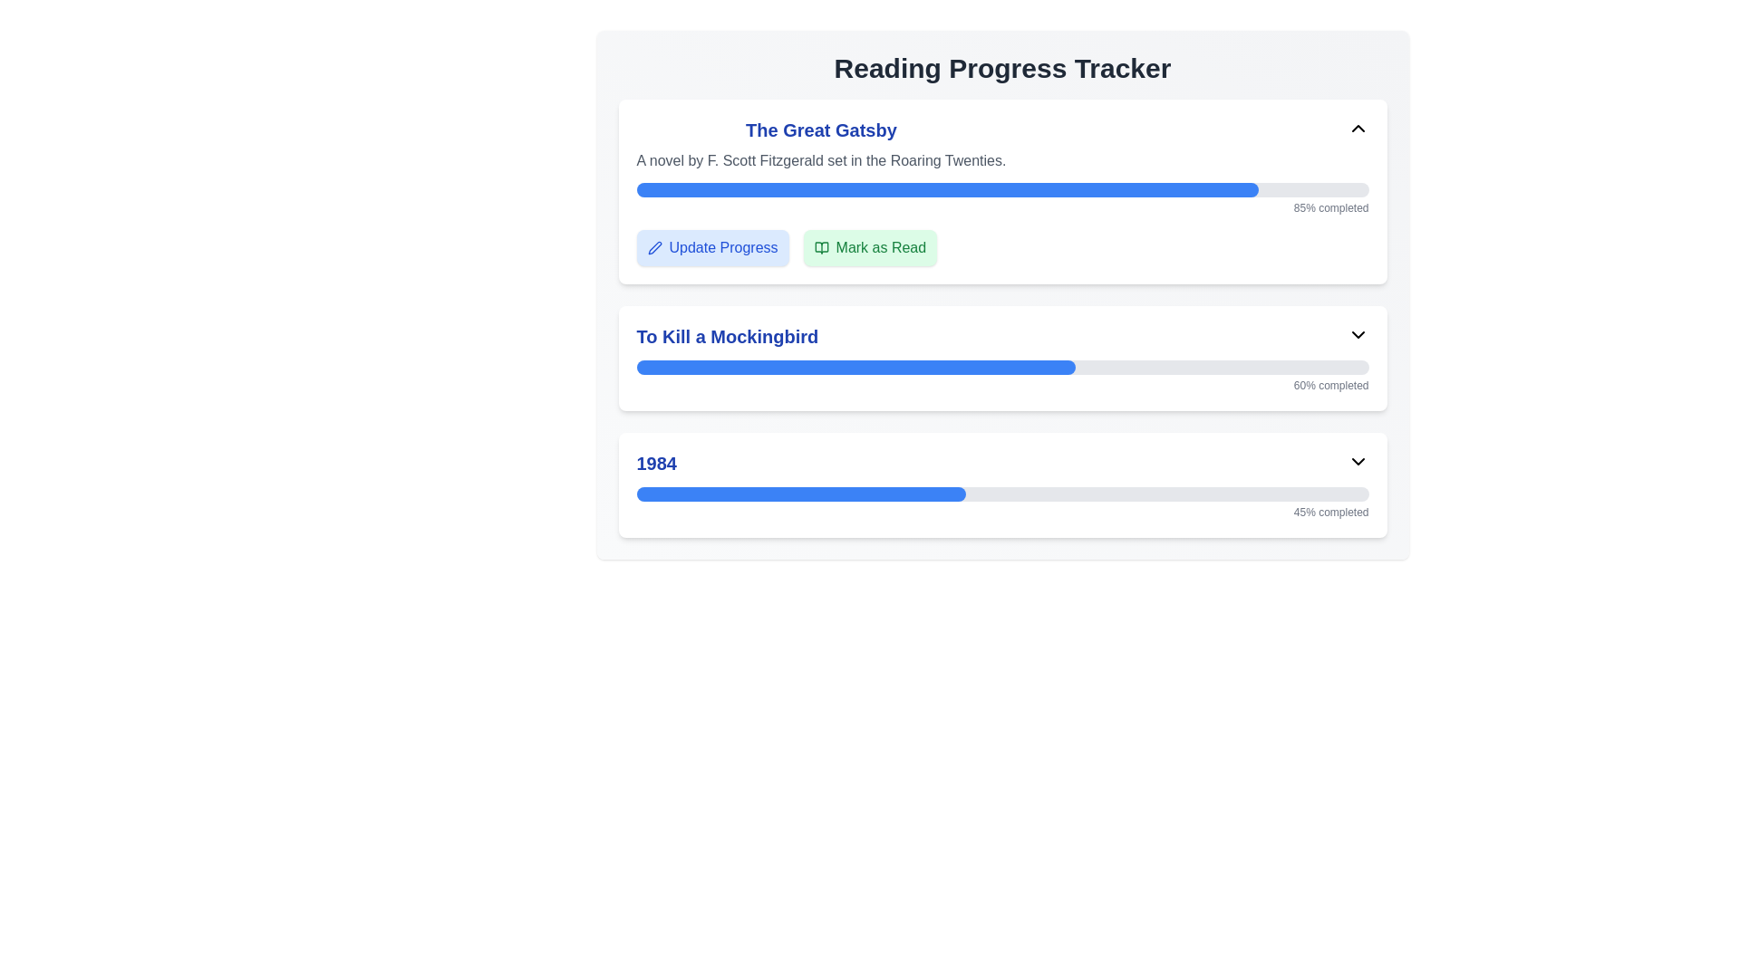 The height and width of the screenshot is (978, 1740). Describe the element at coordinates (653, 247) in the screenshot. I see `the editing or updating function icon located adjacent to the 'Update Progress' button in the card section for 'The Great Gatsby'` at that location.